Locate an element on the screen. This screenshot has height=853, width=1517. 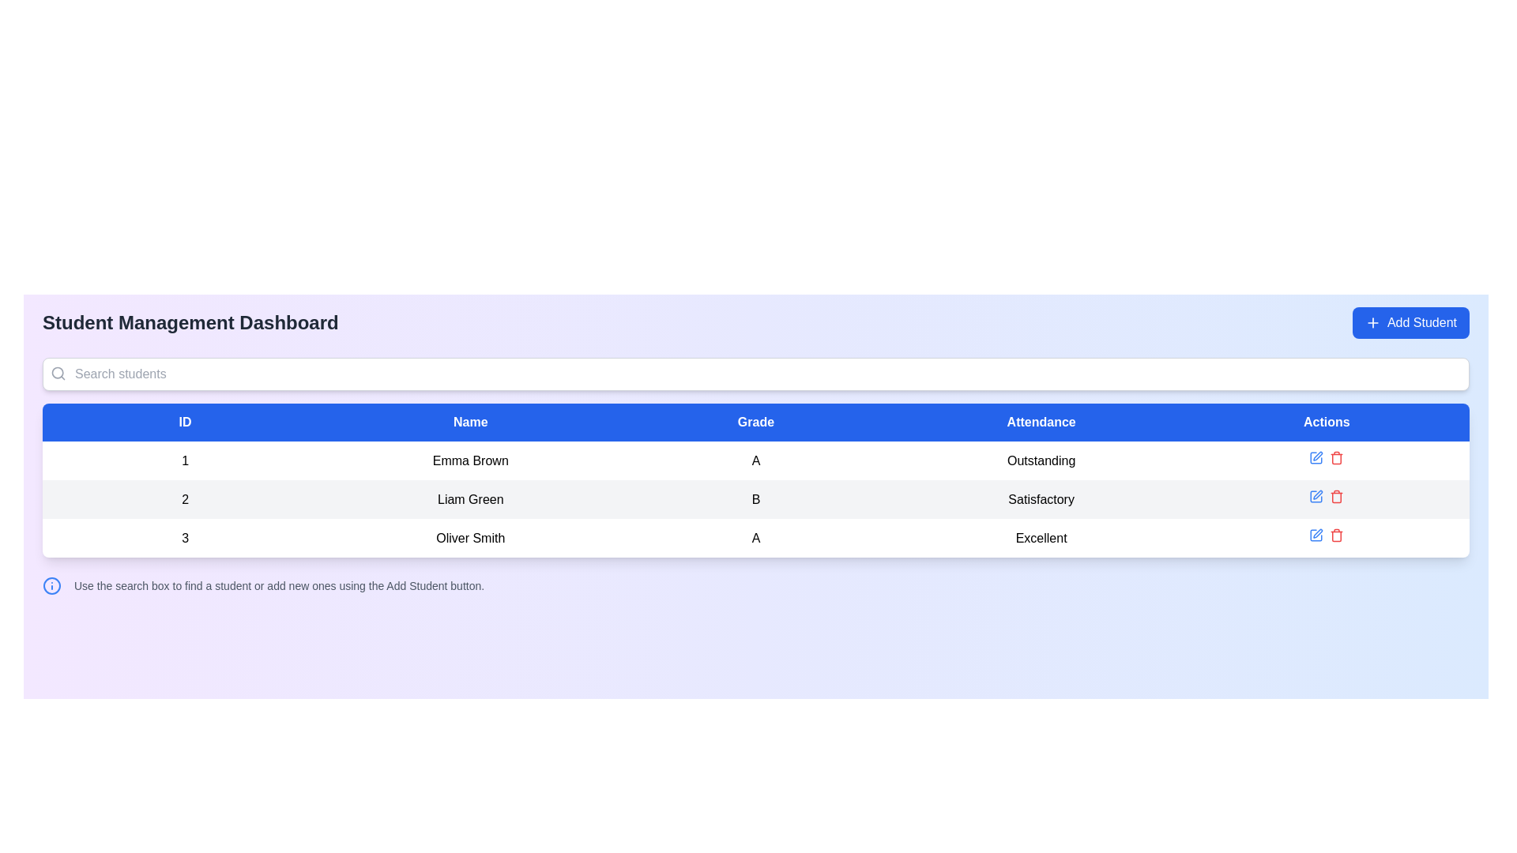
the '+' icon located within the blue 'Add Student' button in the top-right corner of the dashboard is located at coordinates (1372, 321).